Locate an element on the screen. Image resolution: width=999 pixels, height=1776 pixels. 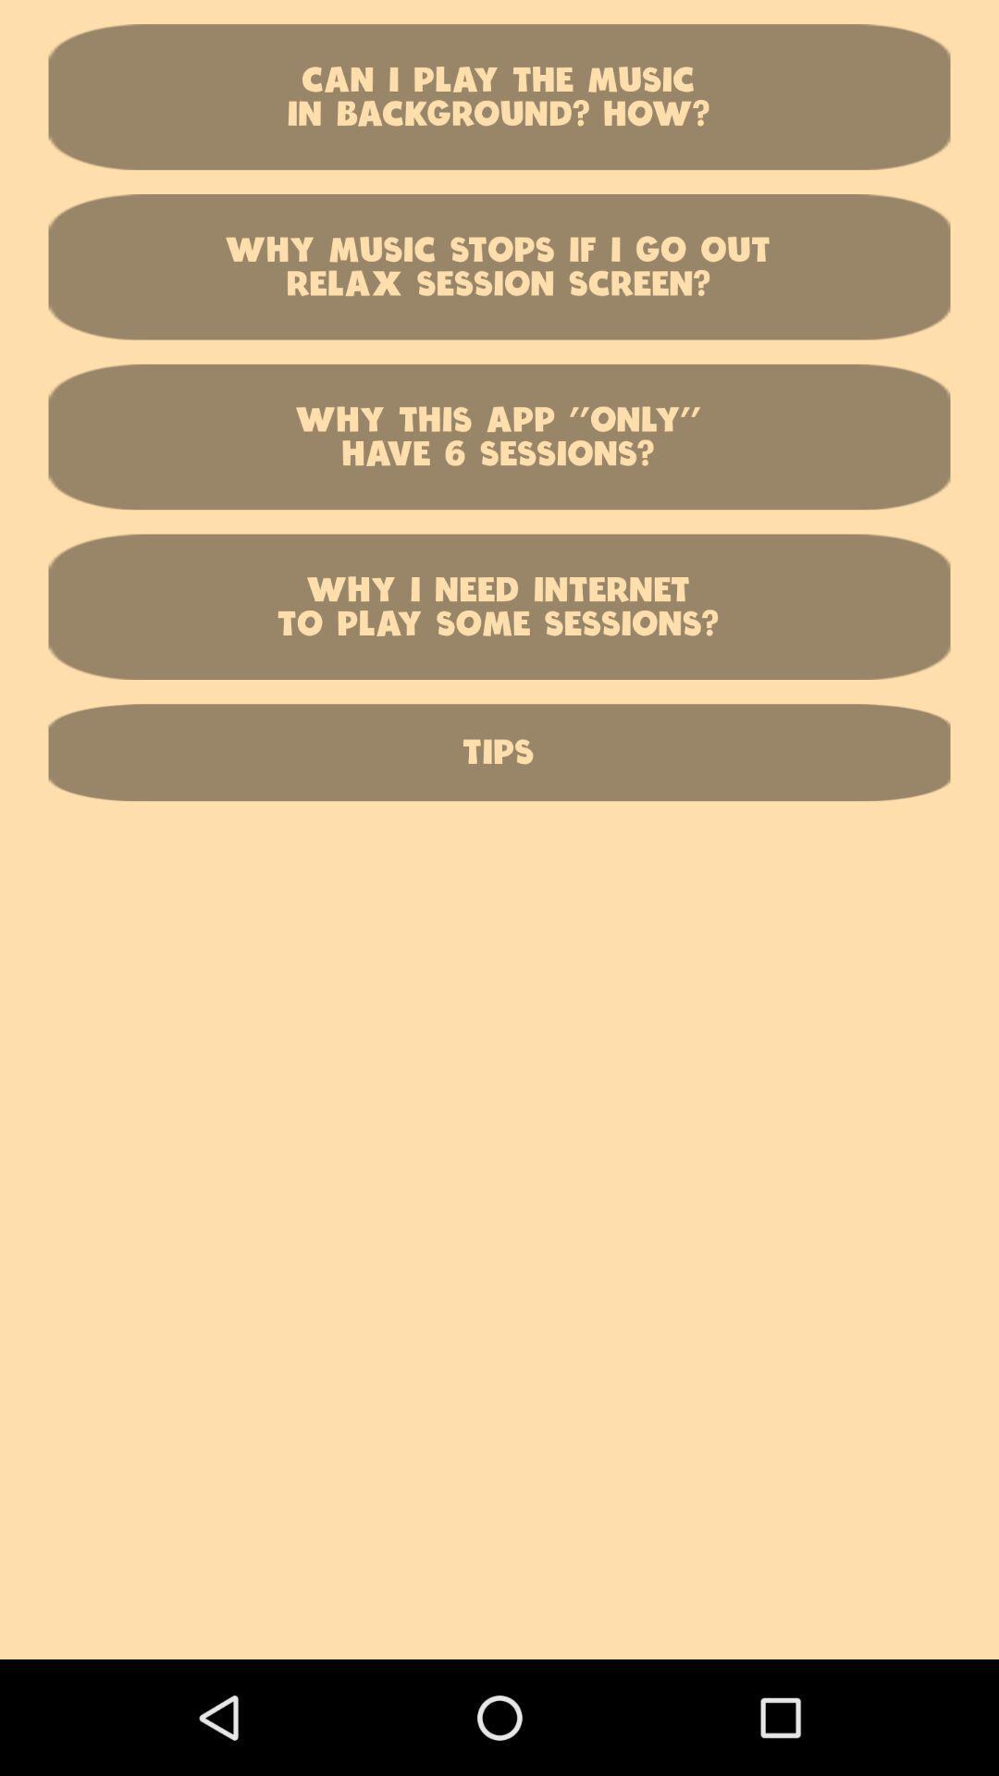
the button above the why i need item is located at coordinates (499, 436).